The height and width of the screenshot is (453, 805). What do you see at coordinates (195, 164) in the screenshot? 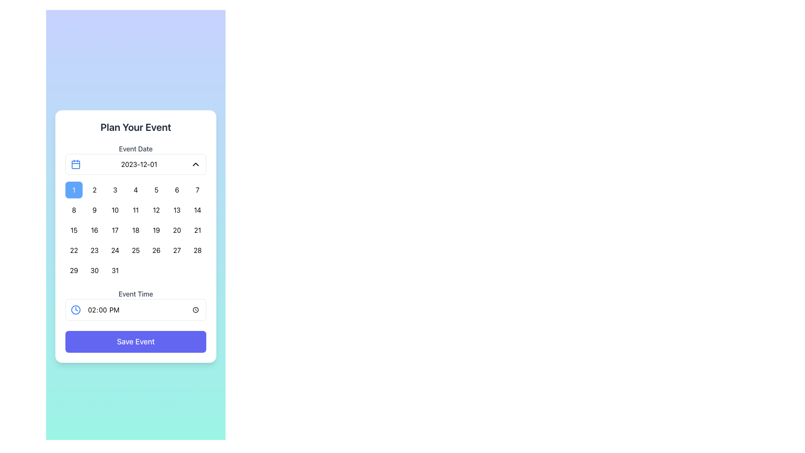
I see `the chevron-up icon located at the far right of the date selection interface to collapse the date selection` at bounding box center [195, 164].